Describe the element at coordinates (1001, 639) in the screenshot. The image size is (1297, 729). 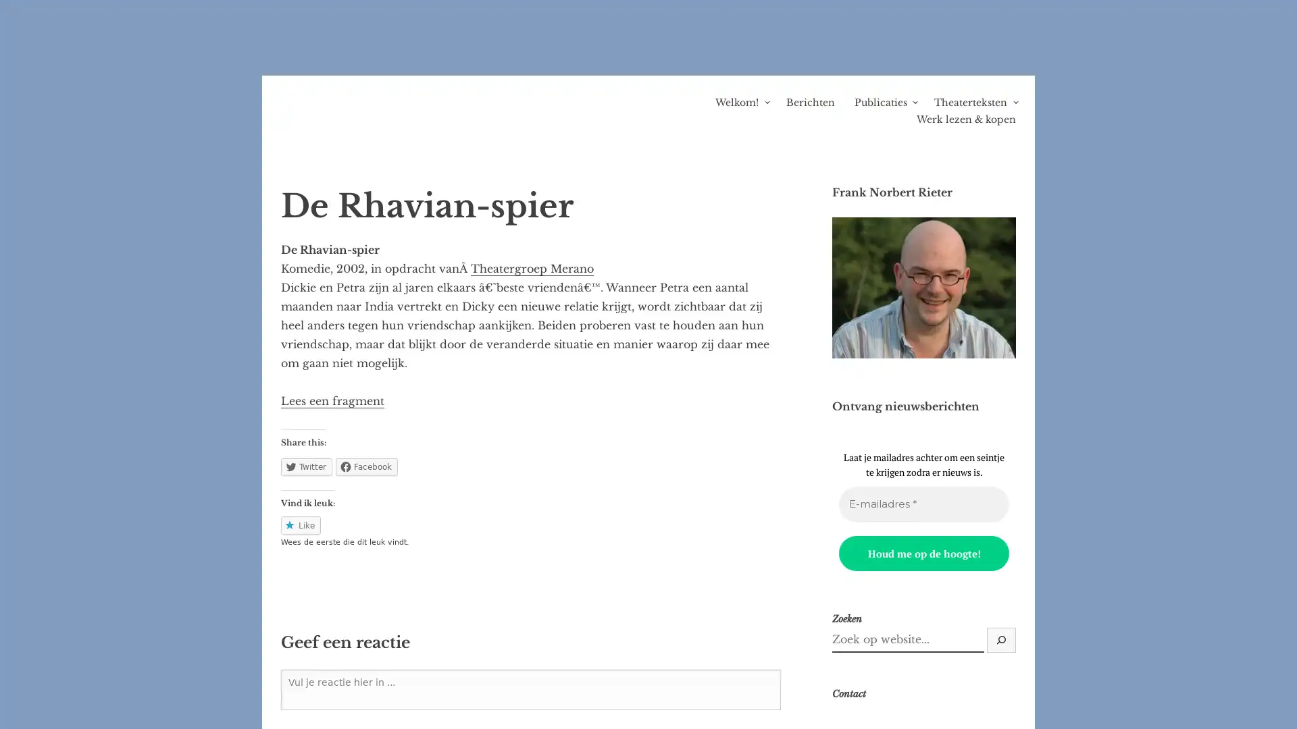
I see `Zoek` at that location.